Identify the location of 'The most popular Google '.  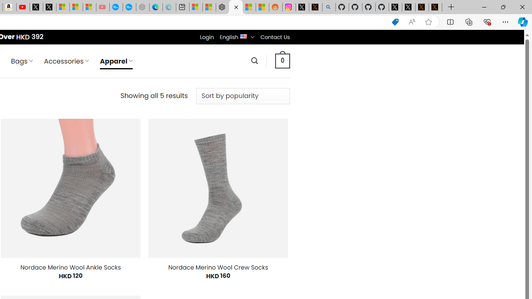
(129, 7).